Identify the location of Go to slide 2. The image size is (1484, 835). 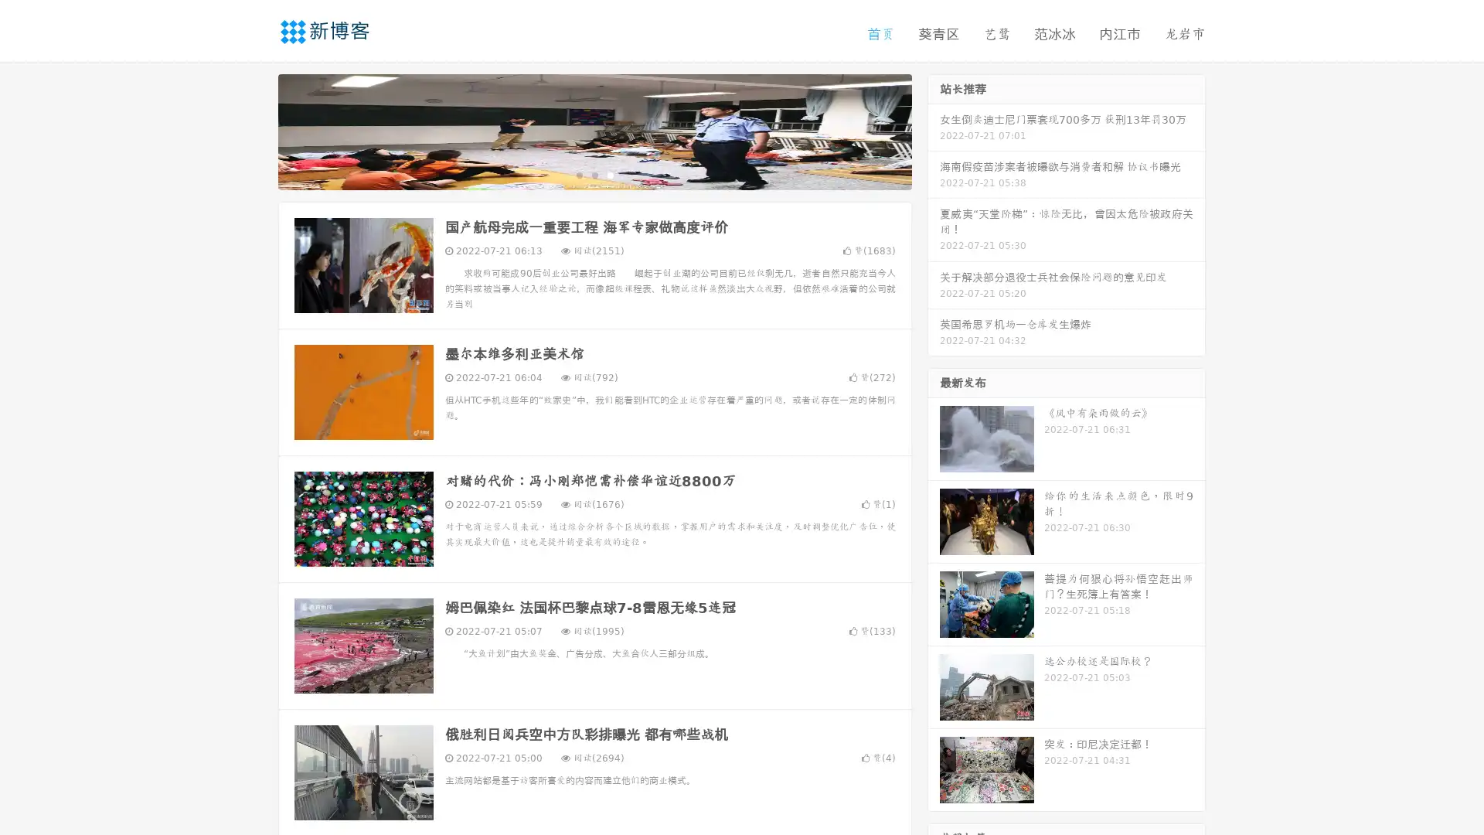
(594, 174).